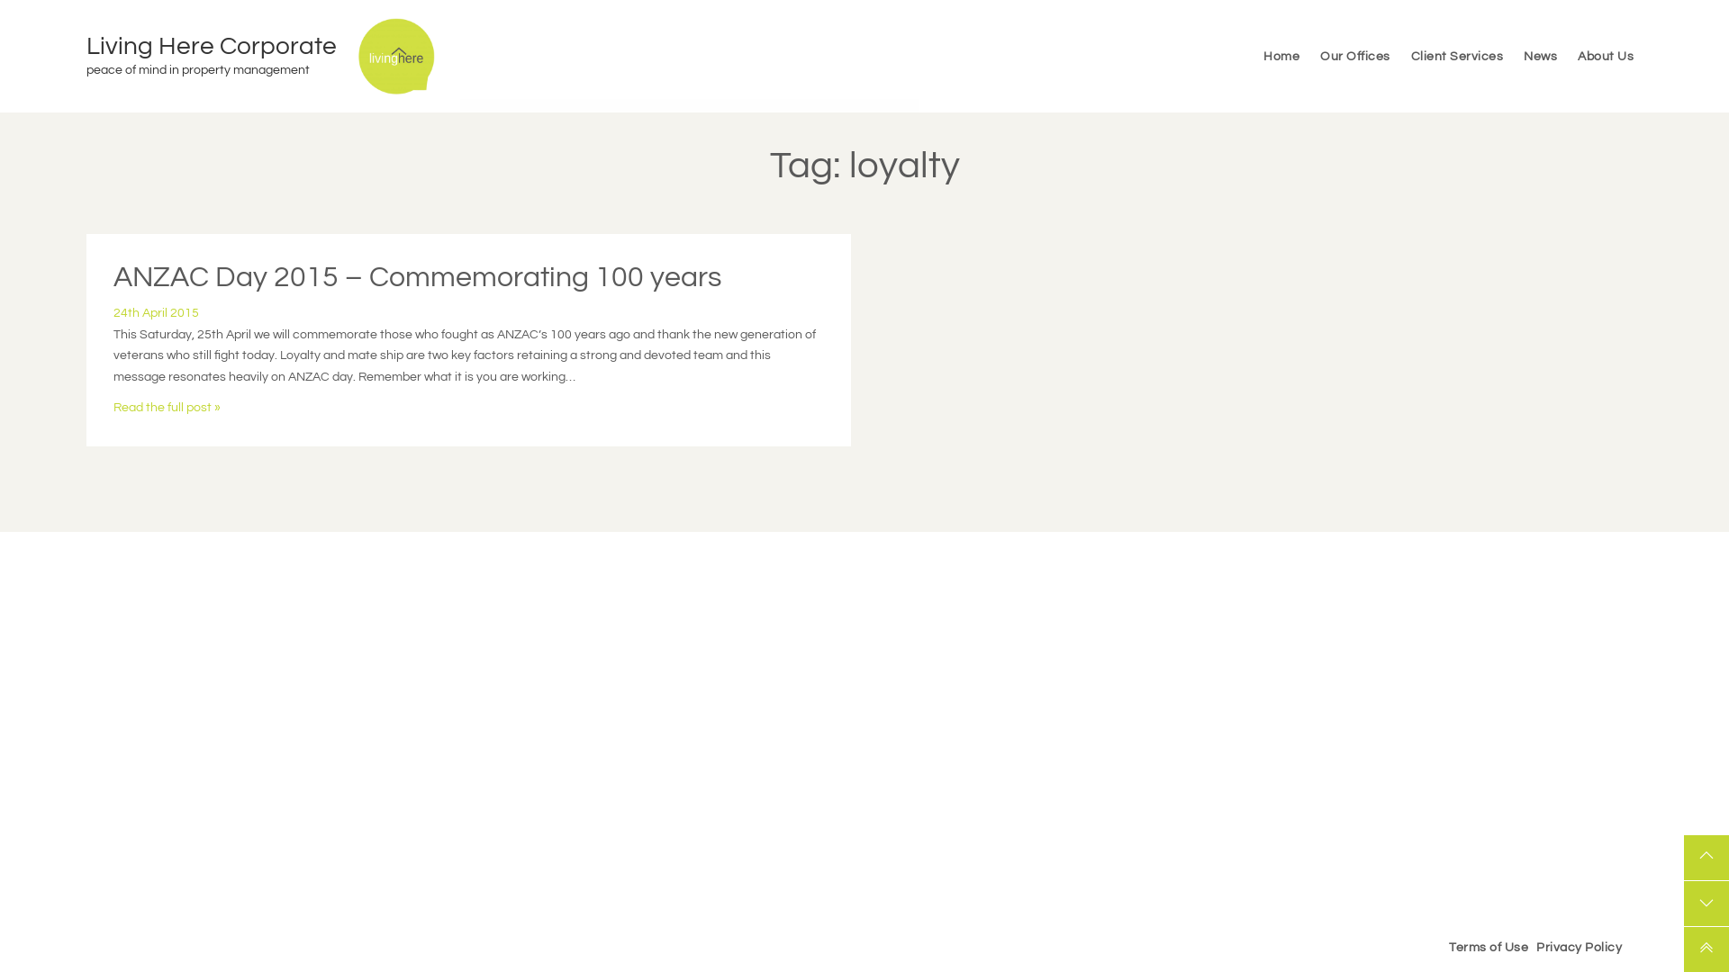 This screenshot has height=972, width=1729. What do you see at coordinates (1539, 54) in the screenshot?
I see `'News'` at bounding box center [1539, 54].